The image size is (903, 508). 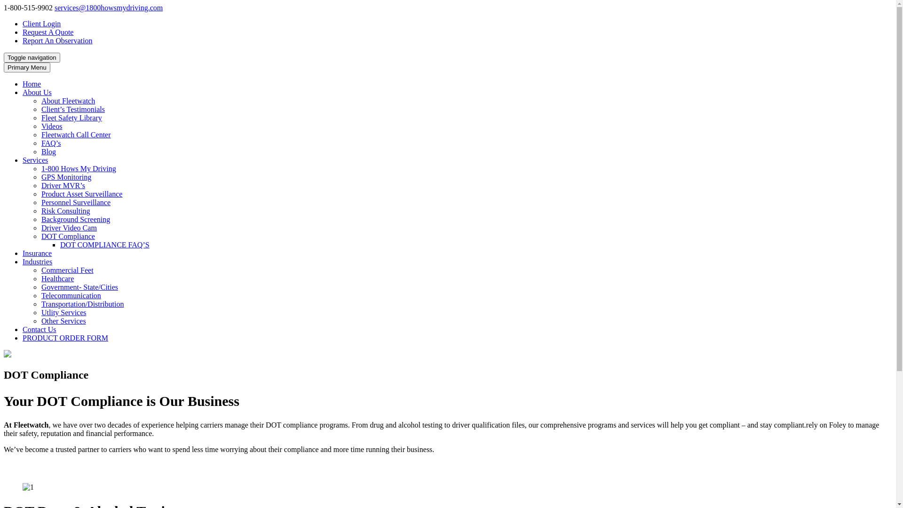 What do you see at coordinates (40, 295) in the screenshot?
I see `'Telecommunication'` at bounding box center [40, 295].